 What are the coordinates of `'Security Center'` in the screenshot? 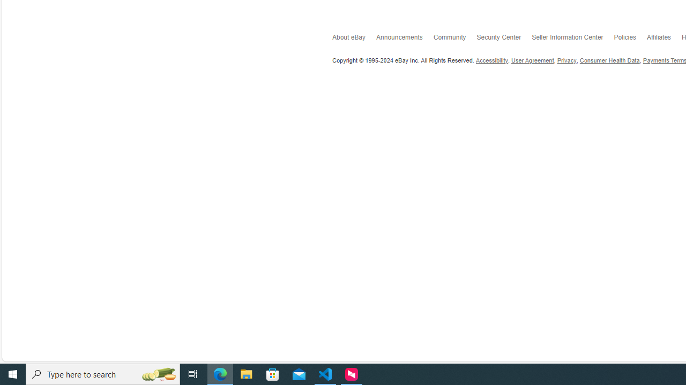 It's located at (504, 39).